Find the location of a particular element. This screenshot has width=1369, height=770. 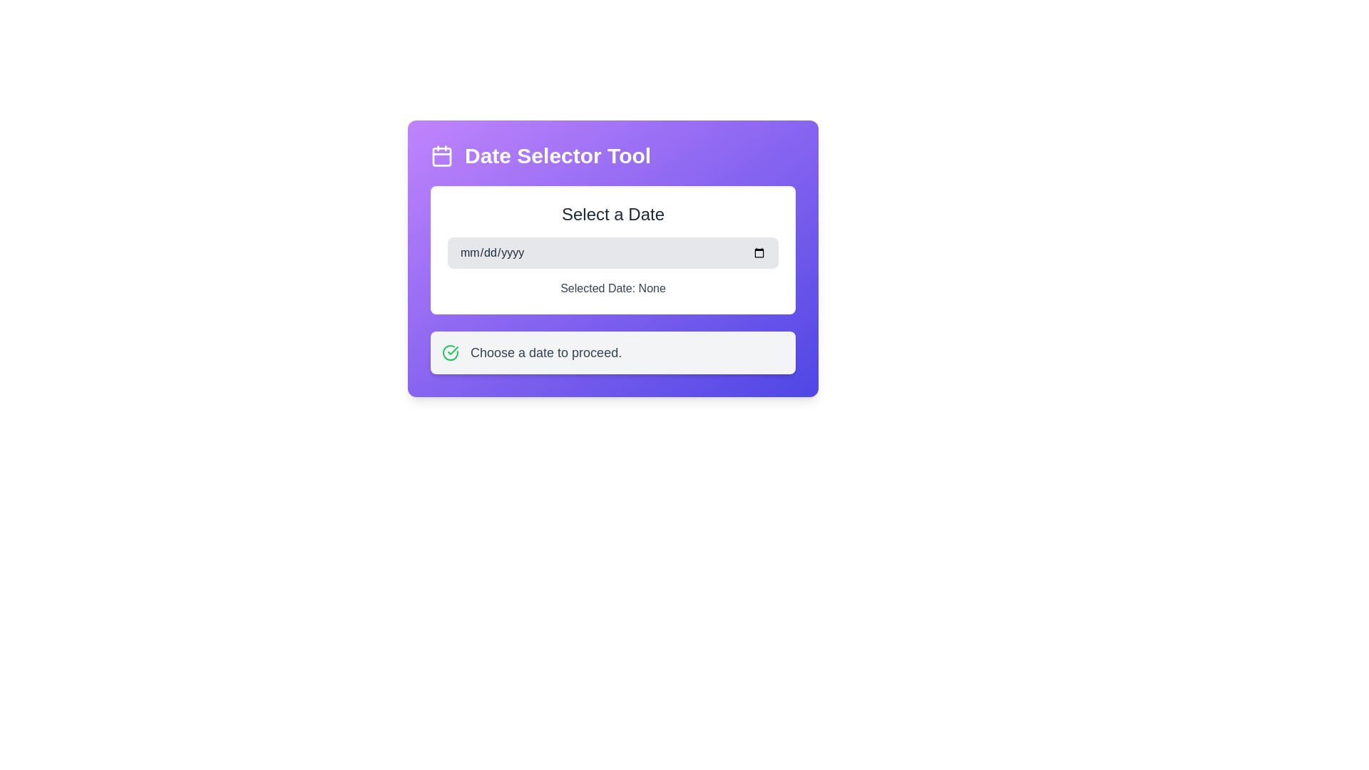

the banner header labeled 'Date Selector Tool' with a calendar icon, located at the top of the date selection widget is located at coordinates (612, 156).